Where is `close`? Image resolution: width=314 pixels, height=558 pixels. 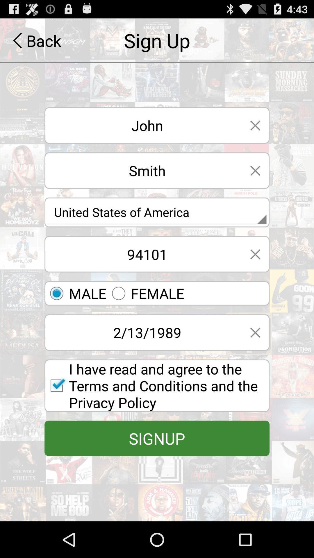 close is located at coordinates (255, 170).